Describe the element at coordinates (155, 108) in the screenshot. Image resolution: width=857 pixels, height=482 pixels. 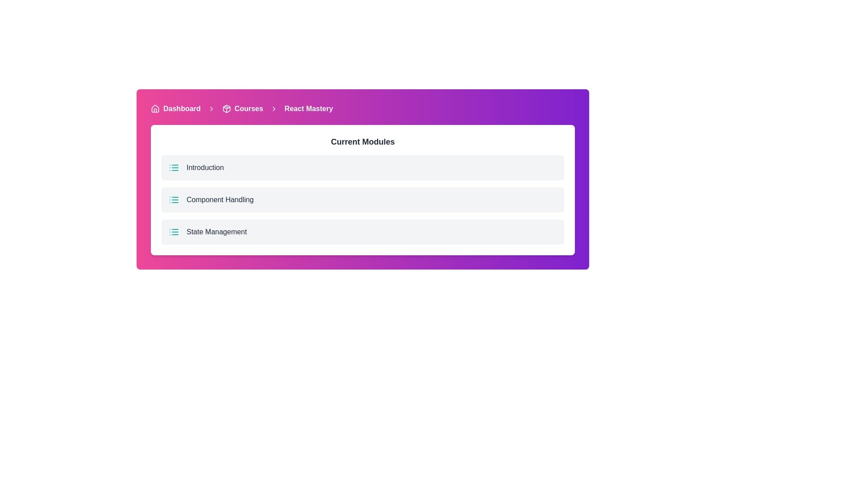
I see `the house icon located to the left of the 'Dashboard' text` at that location.